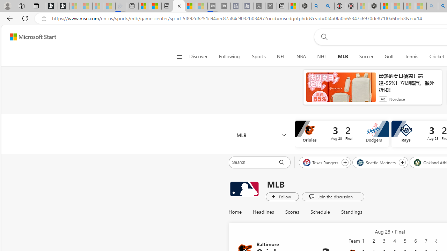  What do you see at coordinates (342, 134) in the screenshot?
I see `'Orioles 3 vs Dodgers 2Final Date Aug 28'` at bounding box center [342, 134].